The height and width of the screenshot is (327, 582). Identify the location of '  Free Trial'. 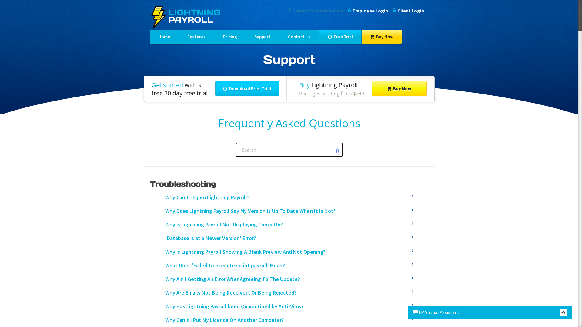
(340, 37).